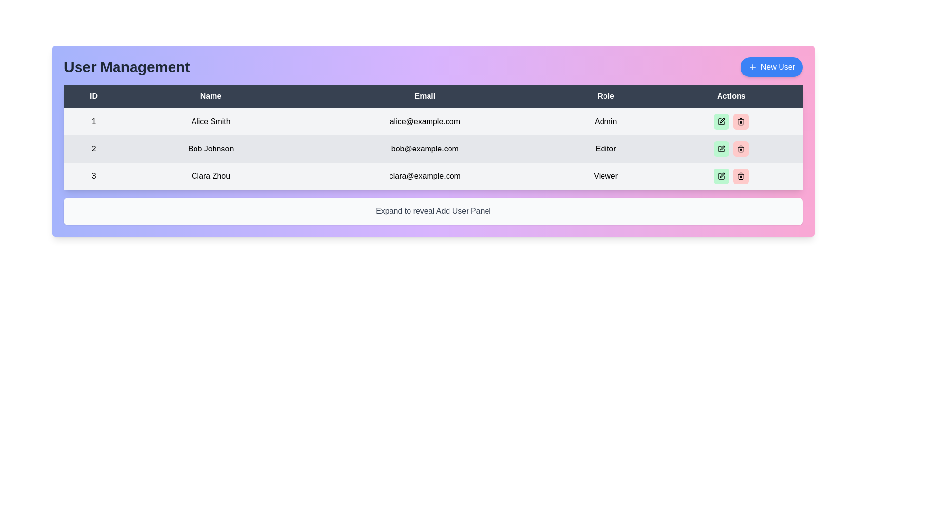  Describe the element at coordinates (210, 121) in the screenshot. I see `the read-only text label displaying the name 'Alice Smith' in the first row of the table within the 'Name' column` at that location.